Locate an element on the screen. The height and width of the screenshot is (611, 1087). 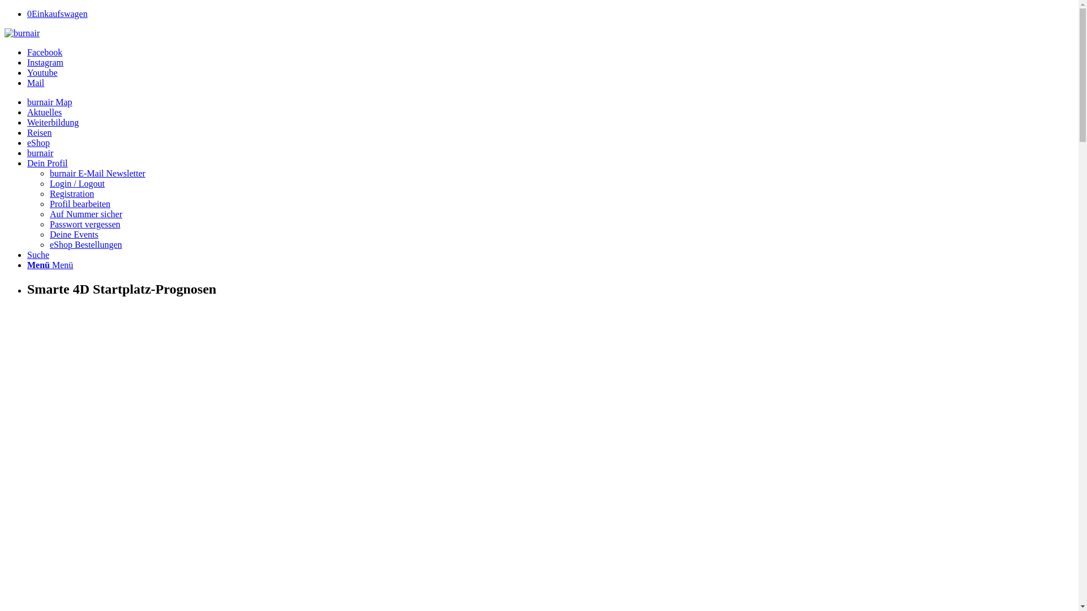
'eShop' is located at coordinates (38, 142).